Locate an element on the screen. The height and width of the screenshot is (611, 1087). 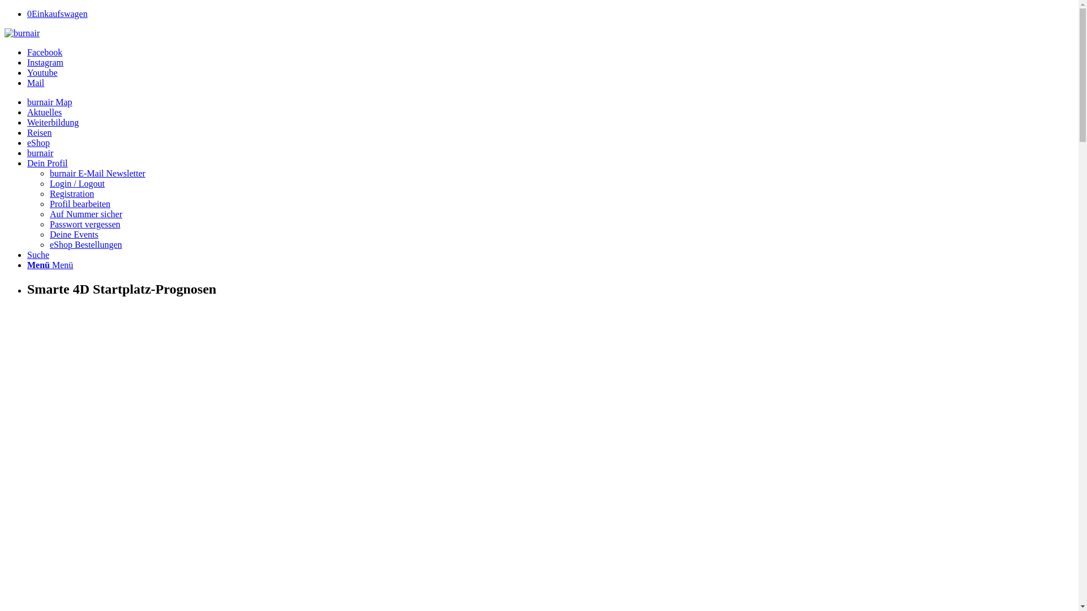
'eShop' is located at coordinates (38, 142).